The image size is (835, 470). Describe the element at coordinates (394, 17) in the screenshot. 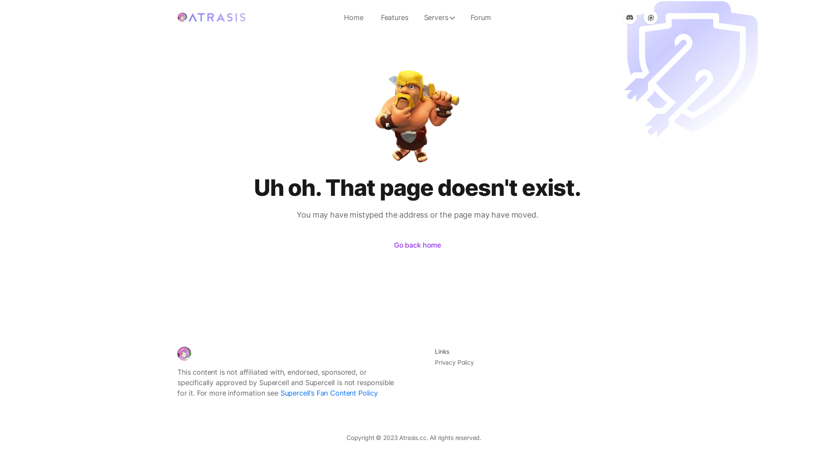

I see `'Features'` at that location.